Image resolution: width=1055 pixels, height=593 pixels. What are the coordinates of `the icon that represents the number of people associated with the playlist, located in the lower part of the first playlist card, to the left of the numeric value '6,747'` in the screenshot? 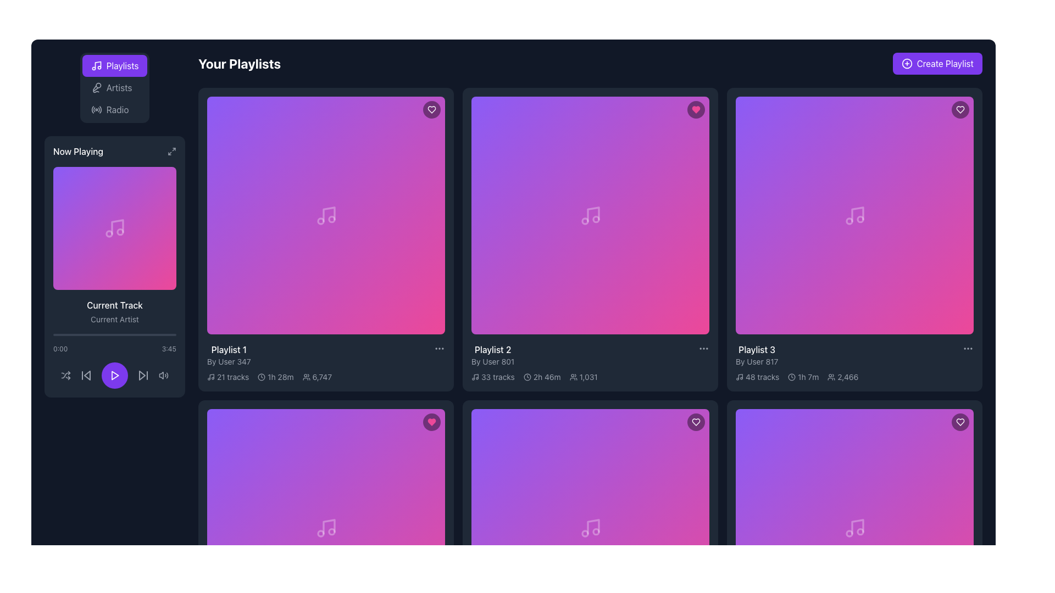 It's located at (306, 376).